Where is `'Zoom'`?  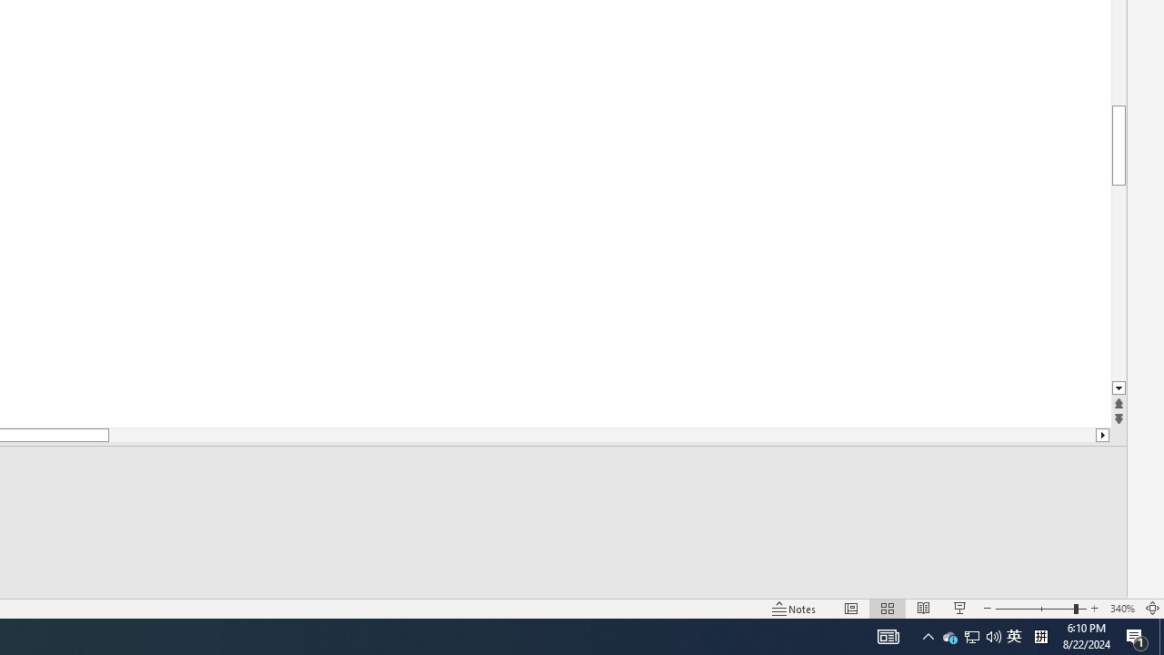 'Zoom' is located at coordinates (1040, 609).